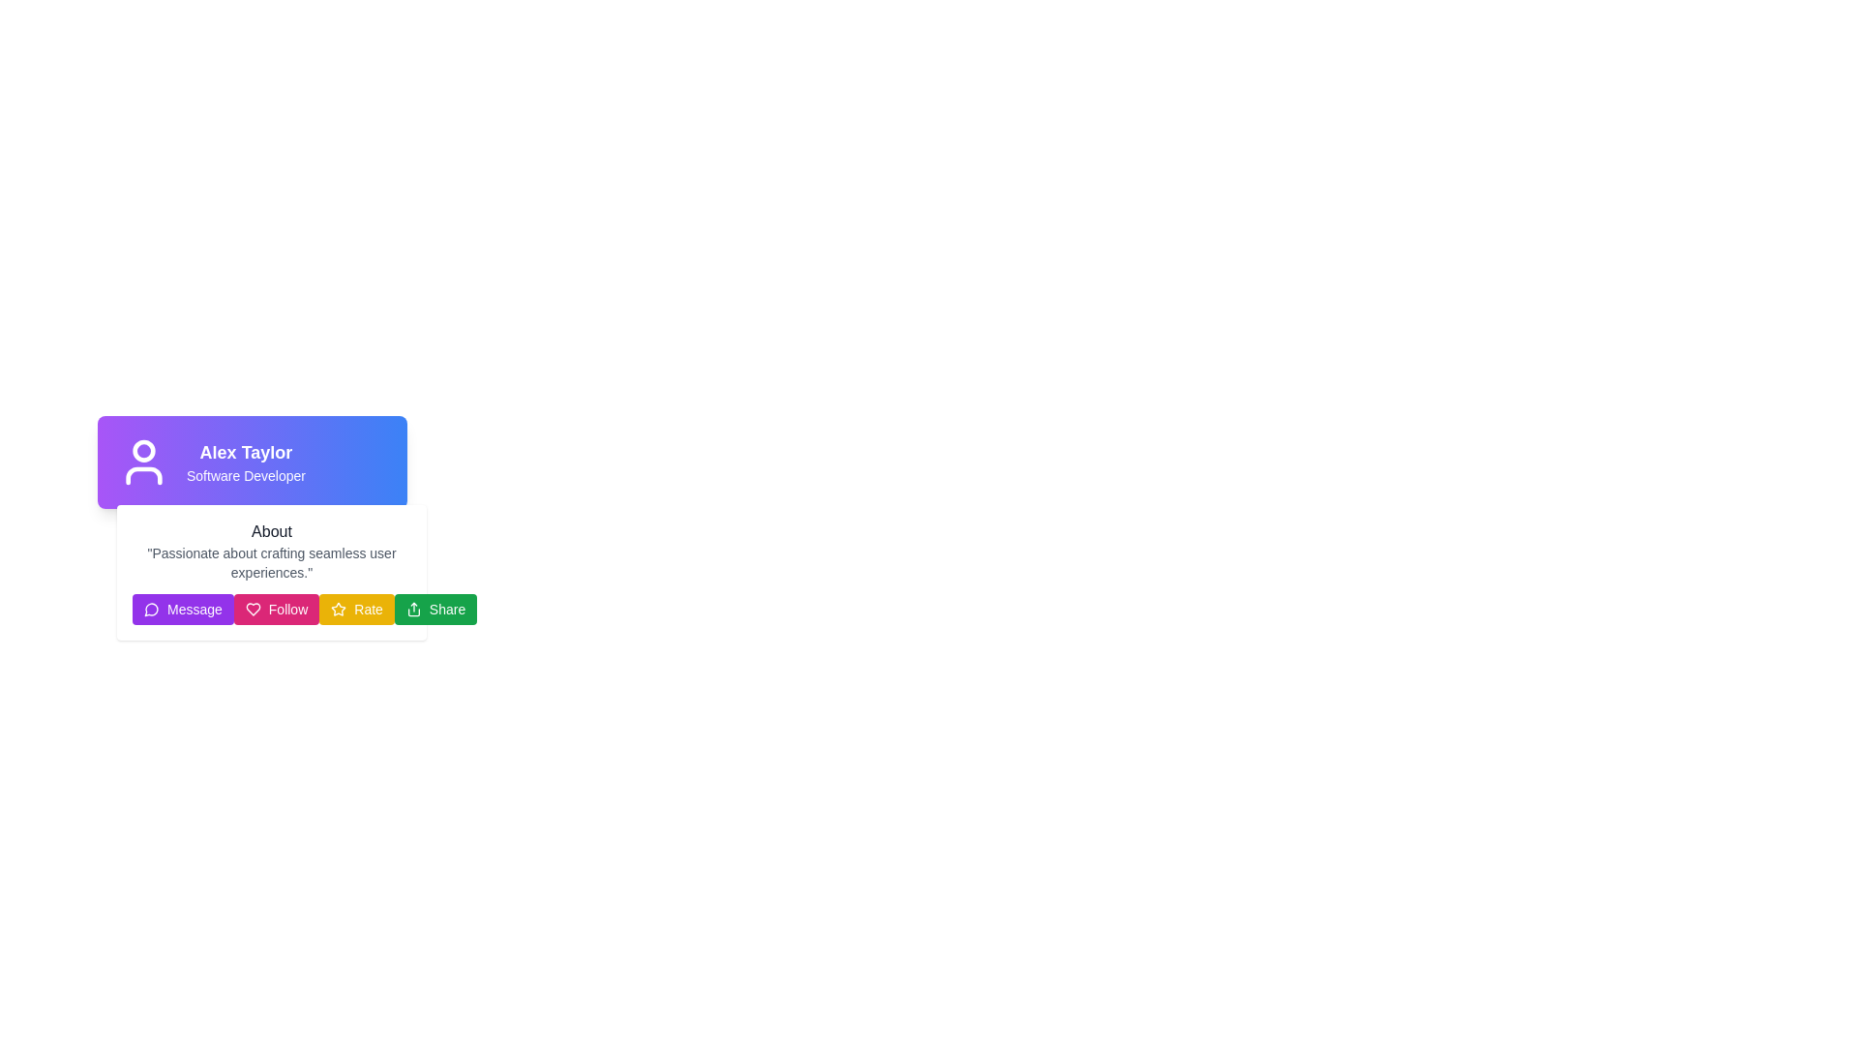  What do you see at coordinates (183, 608) in the screenshot?
I see `the first button in the horizontal row that allows users to send a message` at bounding box center [183, 608].